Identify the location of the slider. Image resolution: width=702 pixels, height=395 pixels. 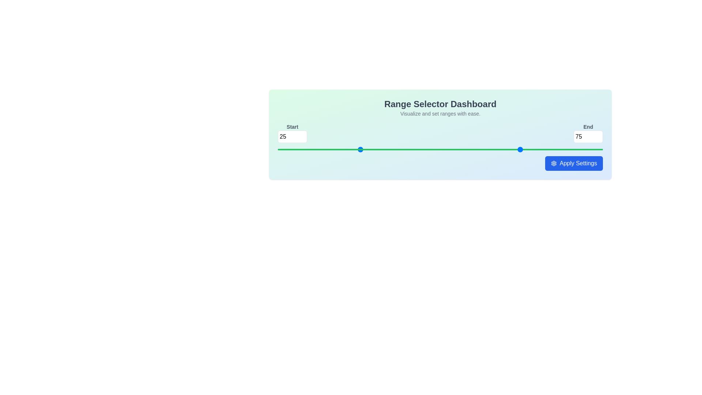
(600, 149).